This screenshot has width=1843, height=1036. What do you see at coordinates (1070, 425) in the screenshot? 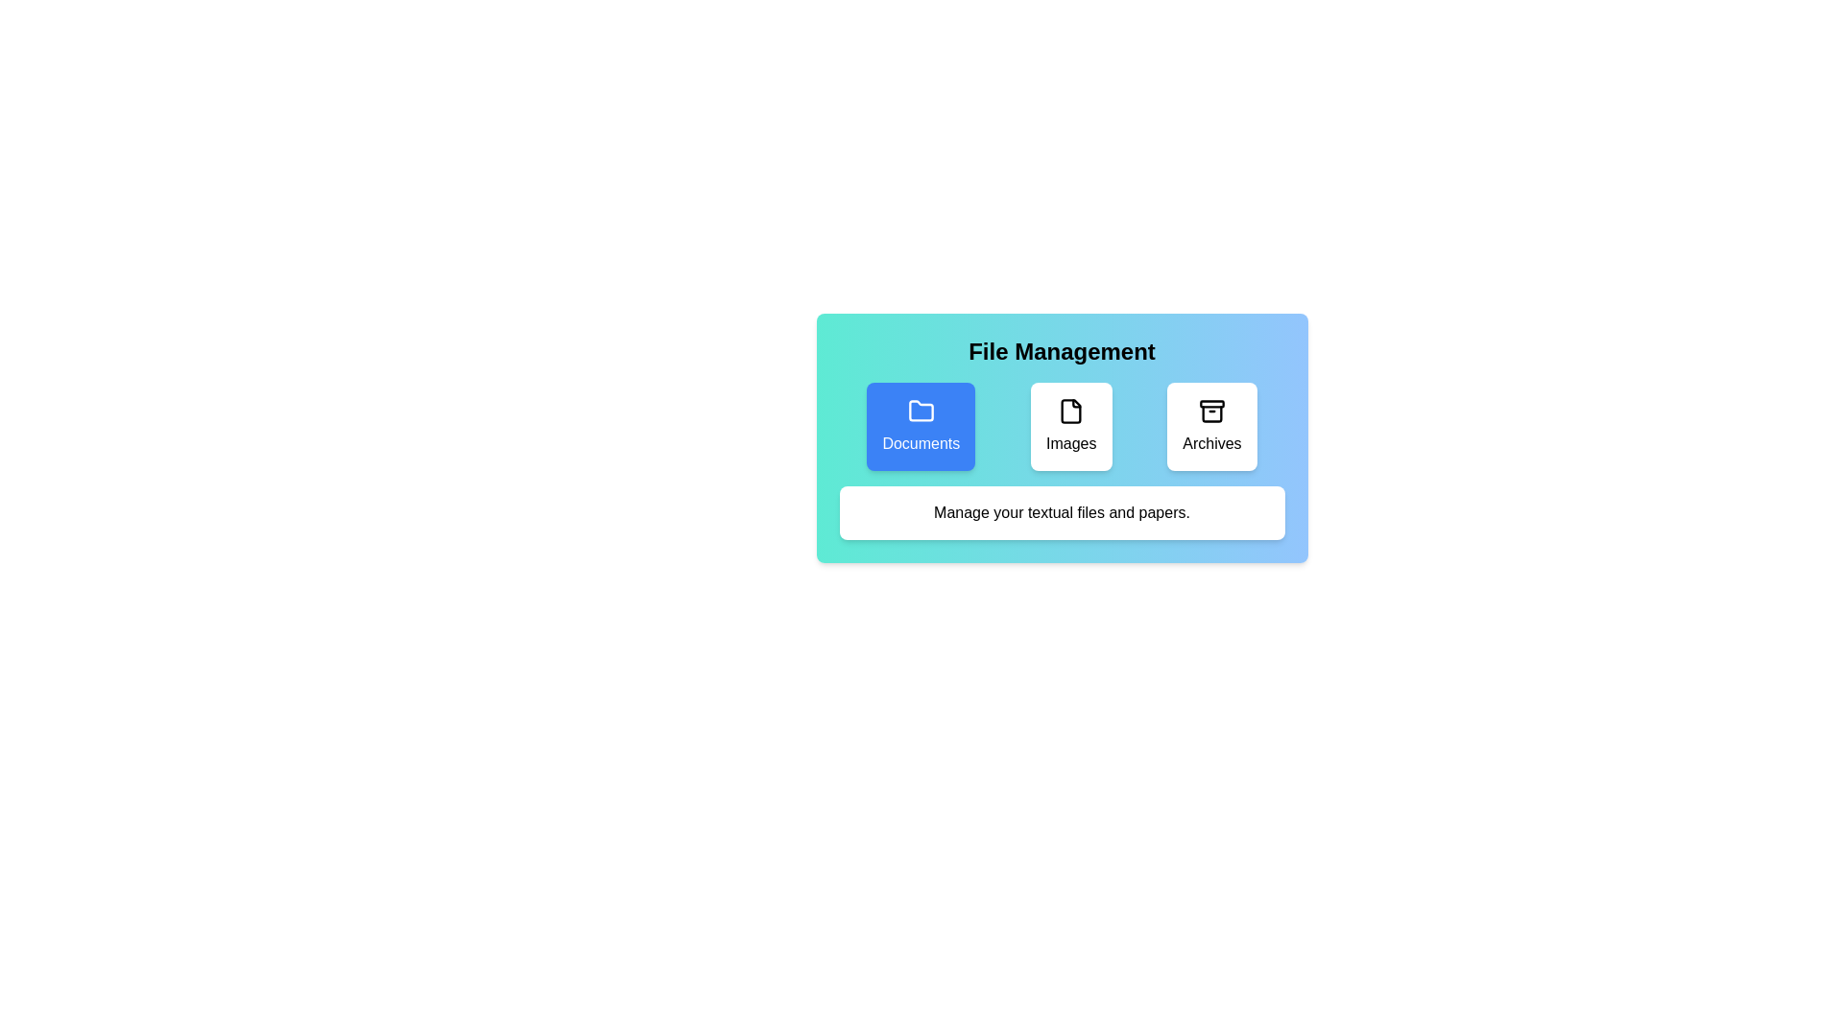
I see `the category button Images to observe the hover effect` at bounding box center [1070, 425].